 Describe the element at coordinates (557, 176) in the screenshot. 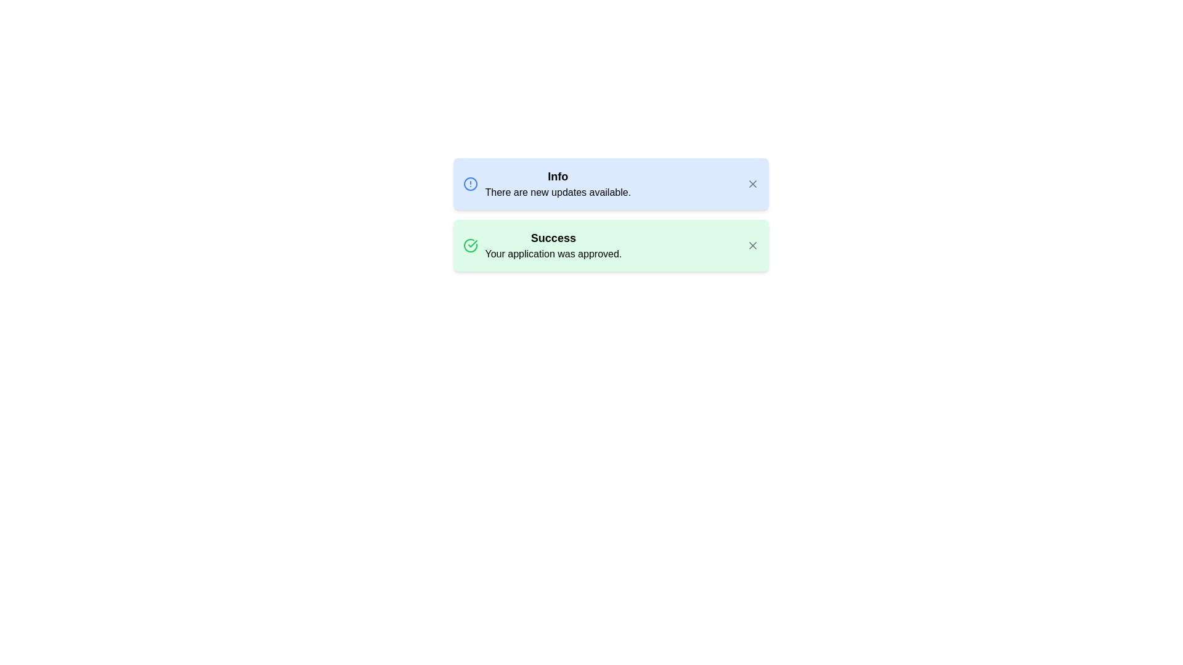

I see `bold text label displaying 'Info' prominently located in the notification area with a light blue background, positioned near the top left of the notification message box` at that location.